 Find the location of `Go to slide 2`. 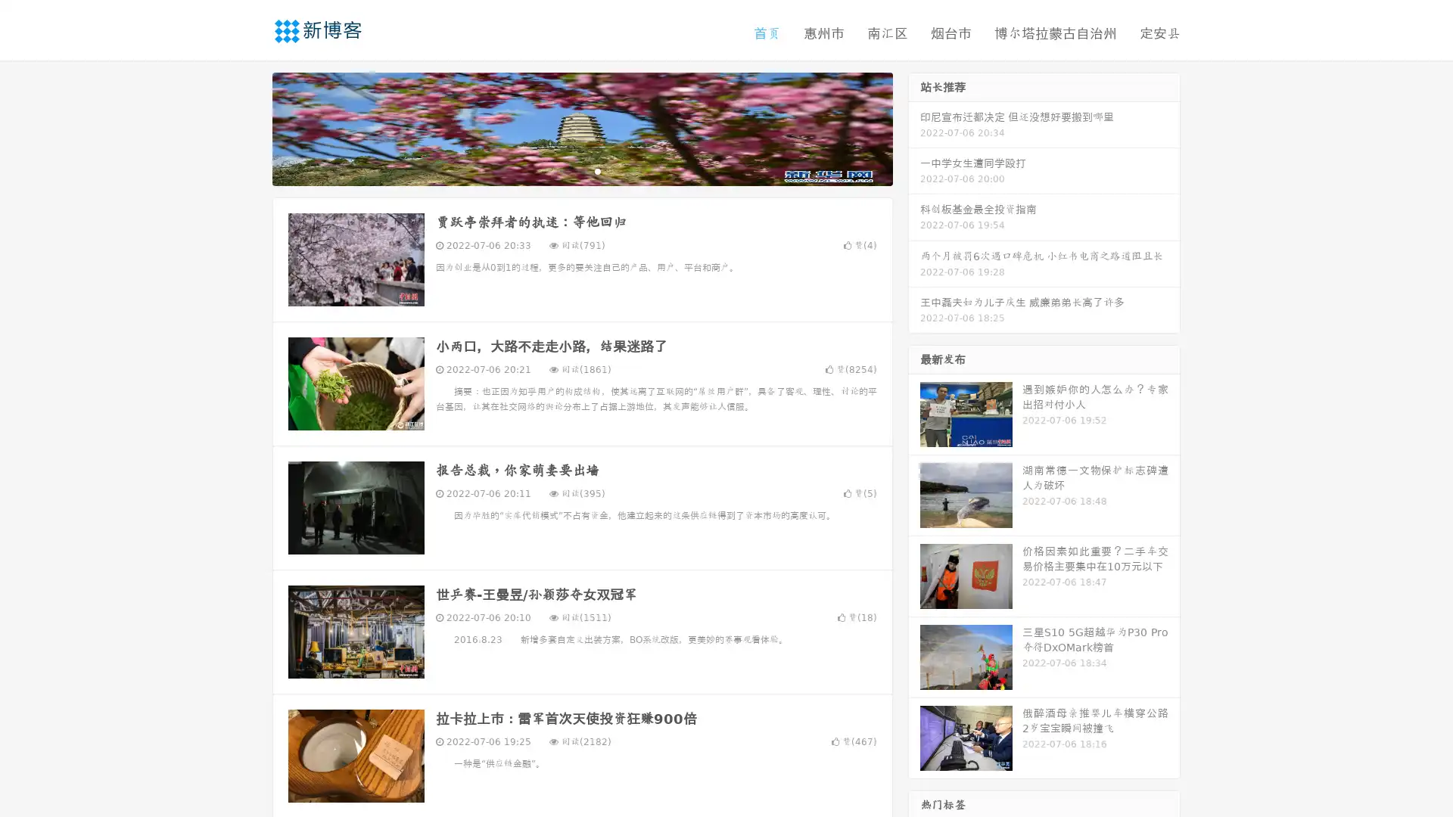

Go to slide 2 is located at coordinates (581, 170).